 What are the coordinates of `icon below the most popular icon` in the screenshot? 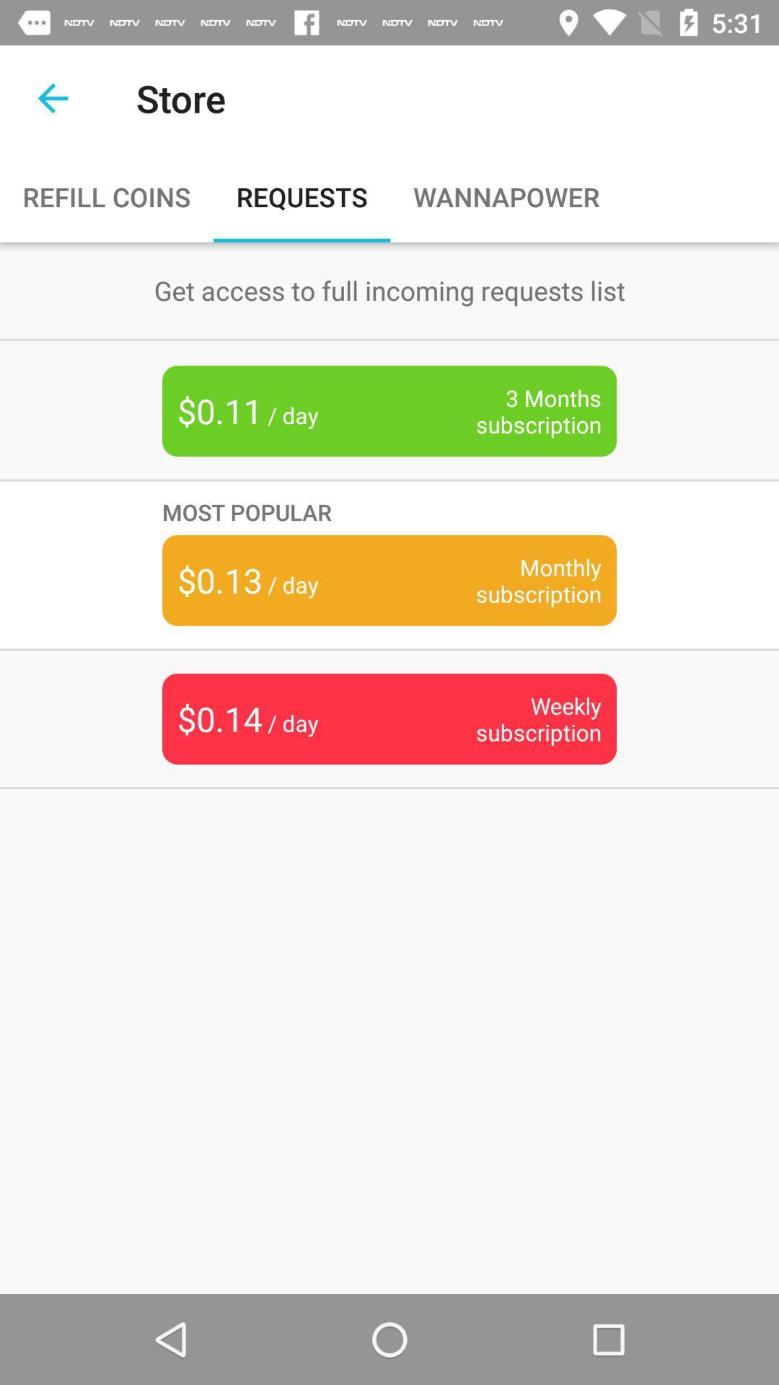 It's located at (516, 580).